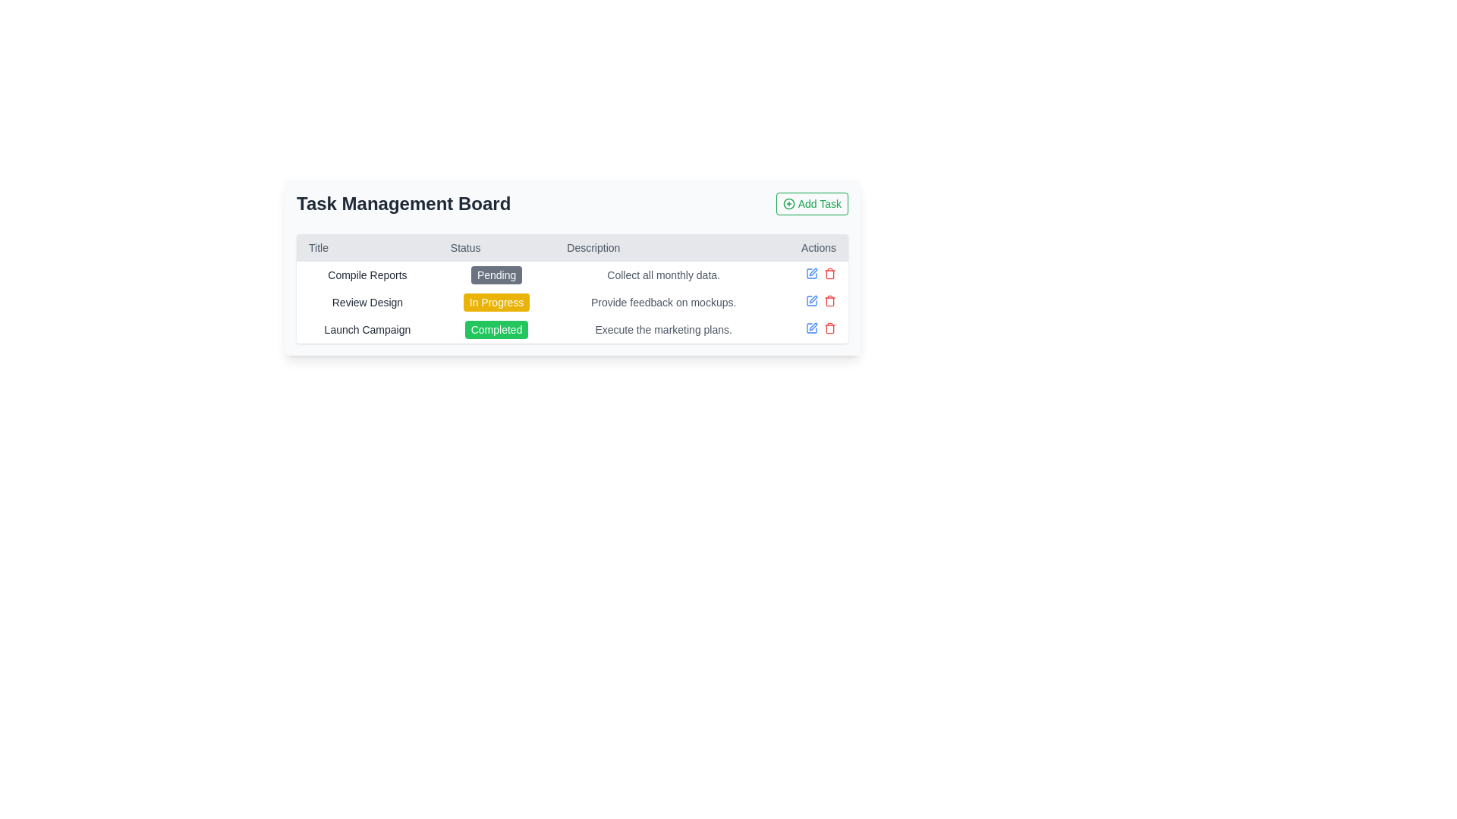 The height and width of the screenshot is (819, 1457). What do you see at coordinates (496, 302) in the screenshot?
I see `the label styled as a rectangular button with rounded corners and a yellow background displaying the text 'In Progress' in white font, located in the second row under the 'Status' column of the 'Review Design' task` at bounding box center [496, 302].